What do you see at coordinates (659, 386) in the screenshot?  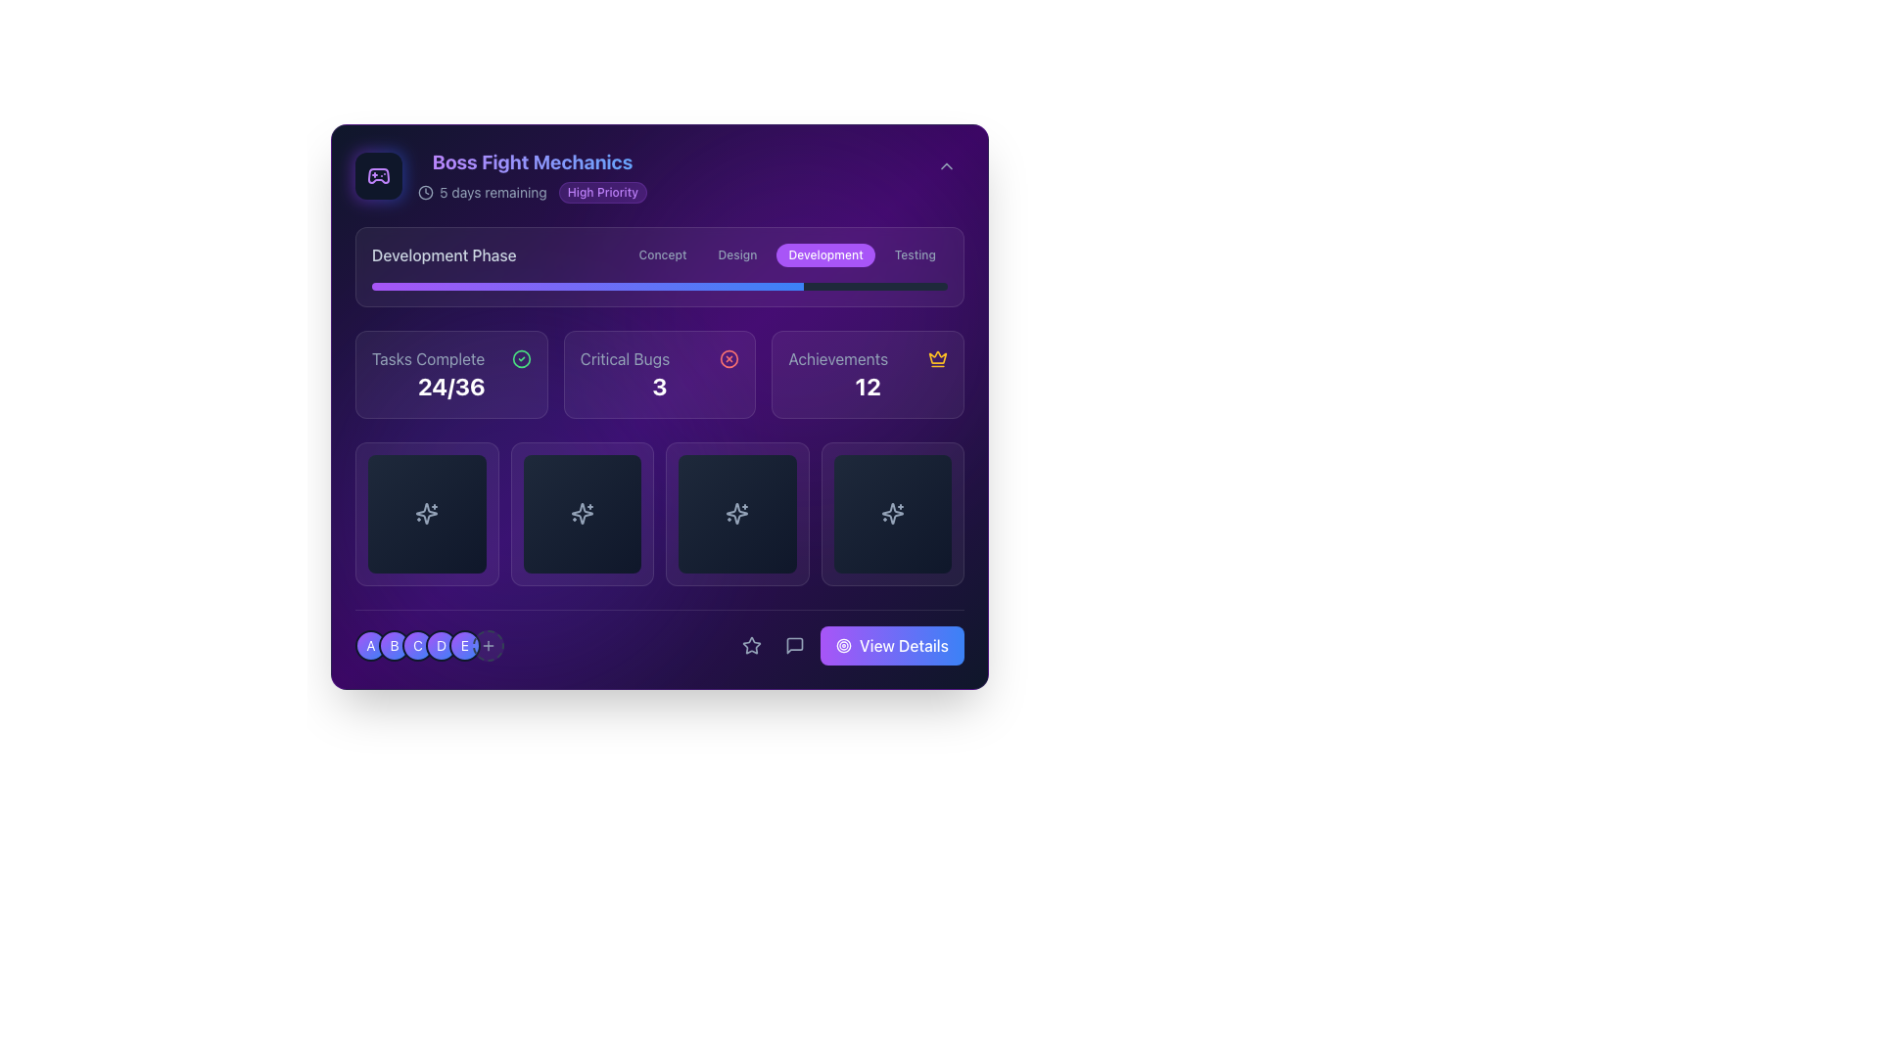 I see `the text display that indicates the count of critical bugs in the dashboard, which is centrally located in the 'Critical Bugs' section` at bounding box center [659, 386].